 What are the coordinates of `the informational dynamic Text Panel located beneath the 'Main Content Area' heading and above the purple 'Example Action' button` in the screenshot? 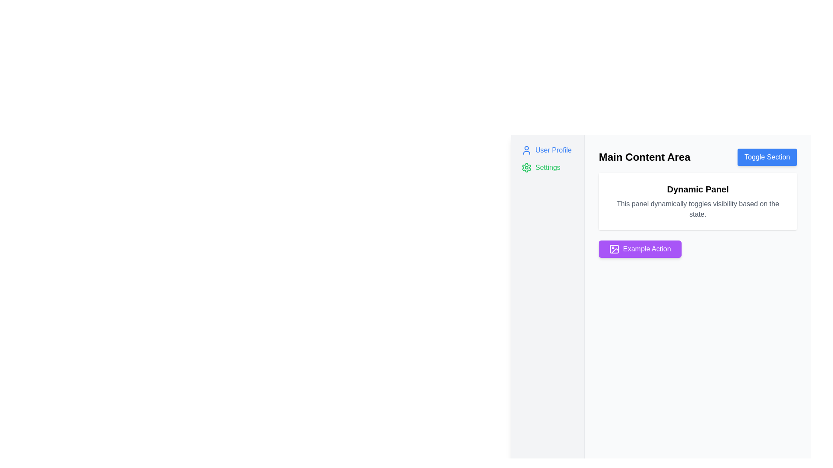 It's located at (698, 201).